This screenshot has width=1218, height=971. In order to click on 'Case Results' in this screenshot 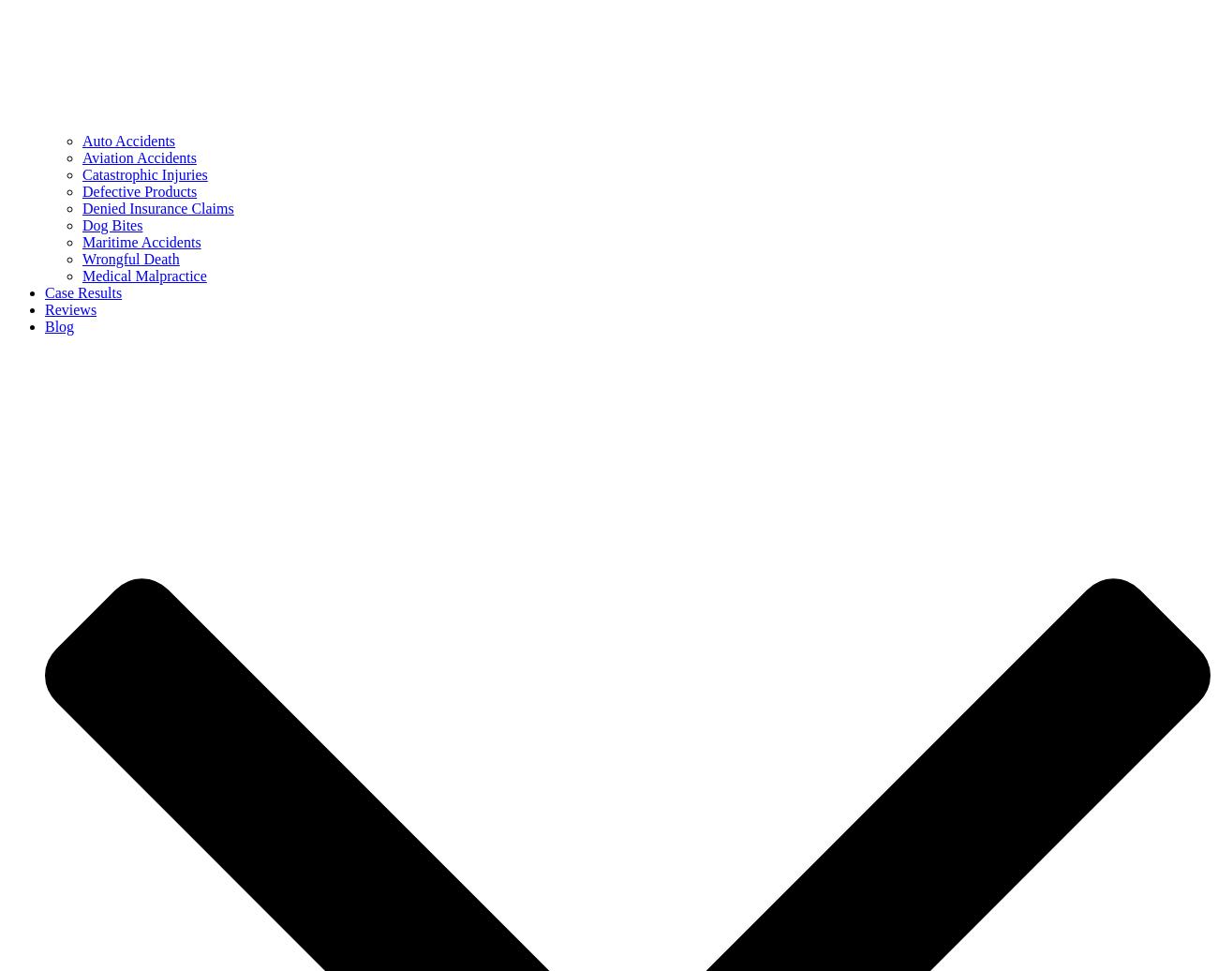, I will do `click(83, 292)`.